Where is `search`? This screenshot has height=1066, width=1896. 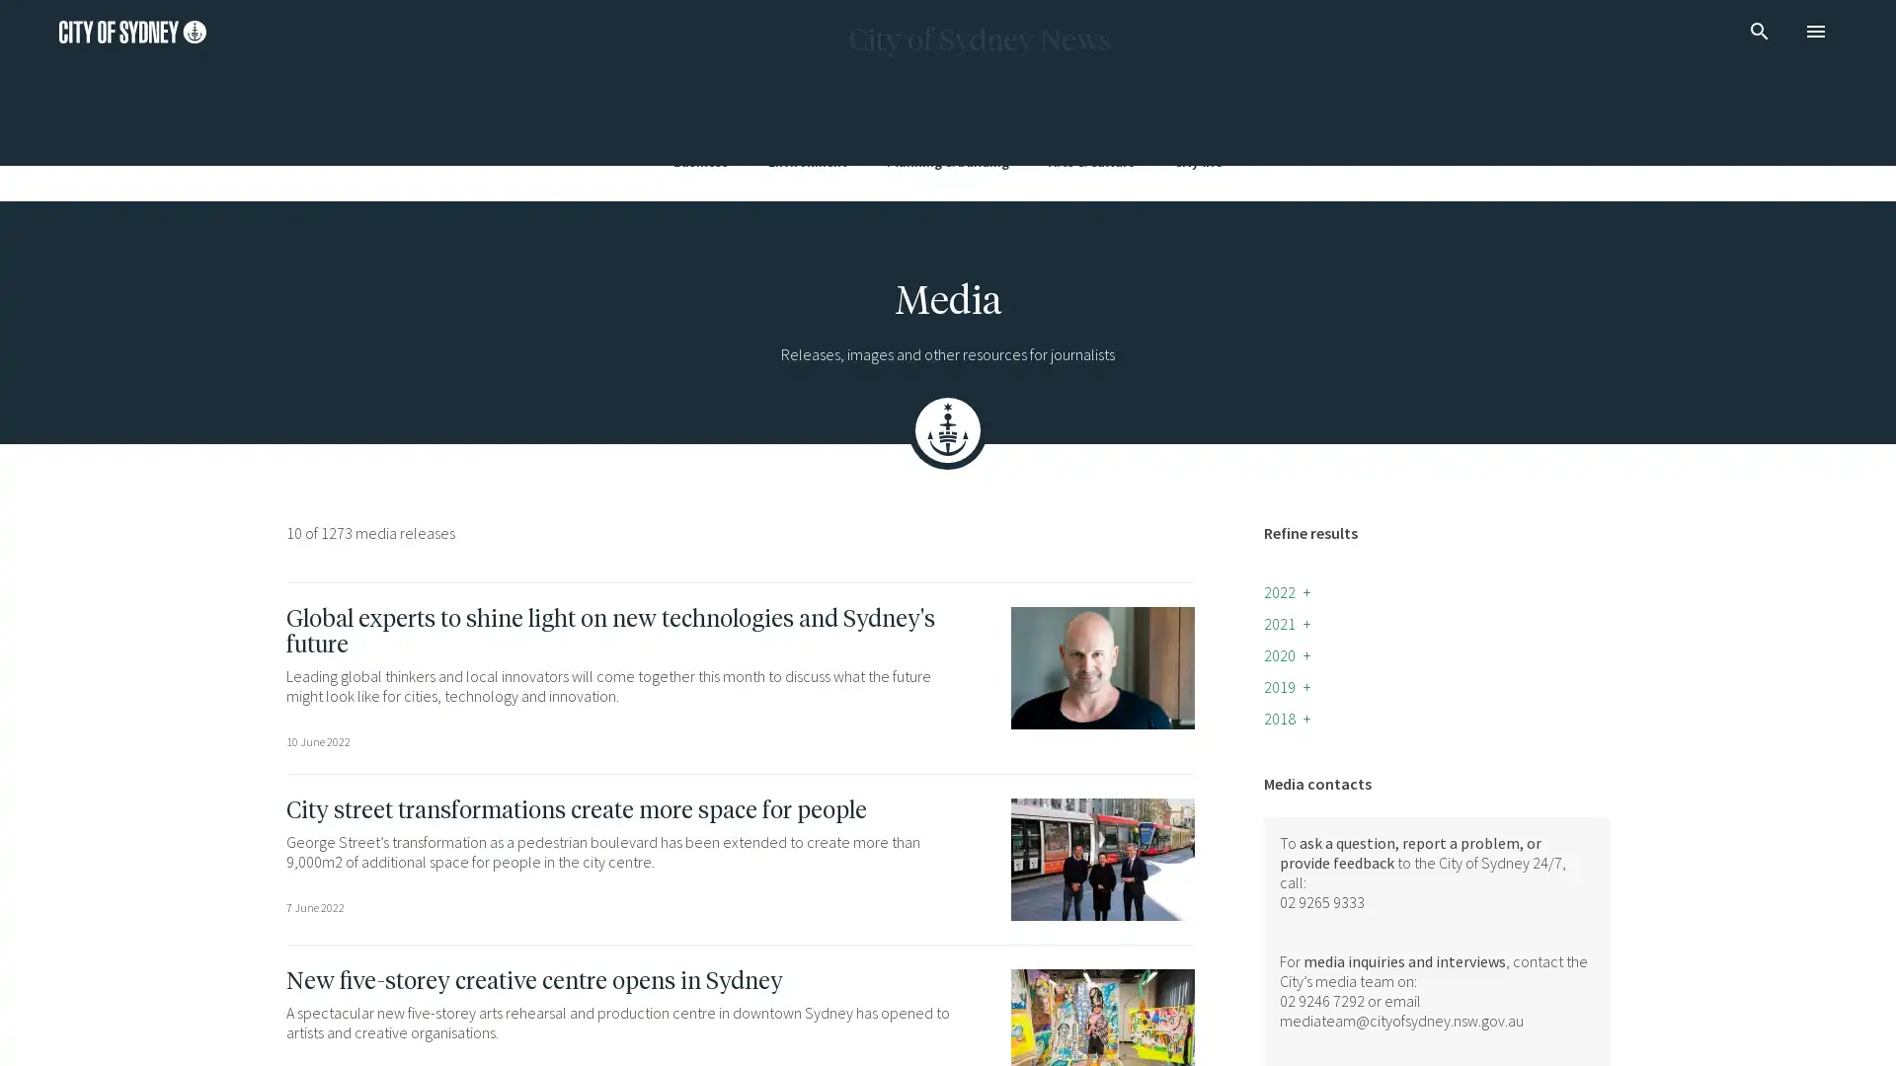
search is located at coordinates (1759, 31).